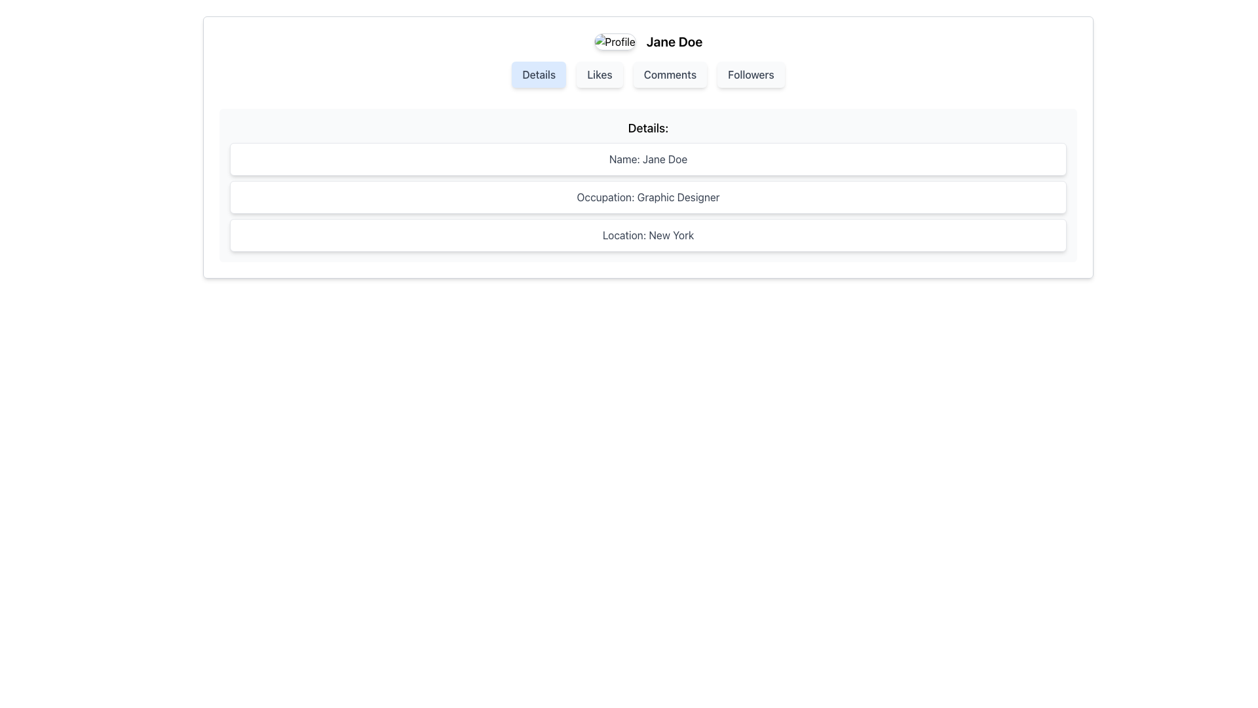 The image size is (1258, 708). What do you see at coordinates (648, 159) in the screenshot?
I see `the Text display field showing 'Jane Doe' in the profile information section, which is the first entry in the vertical list under the heading 'Details:'` at bounding box center [648, 159].